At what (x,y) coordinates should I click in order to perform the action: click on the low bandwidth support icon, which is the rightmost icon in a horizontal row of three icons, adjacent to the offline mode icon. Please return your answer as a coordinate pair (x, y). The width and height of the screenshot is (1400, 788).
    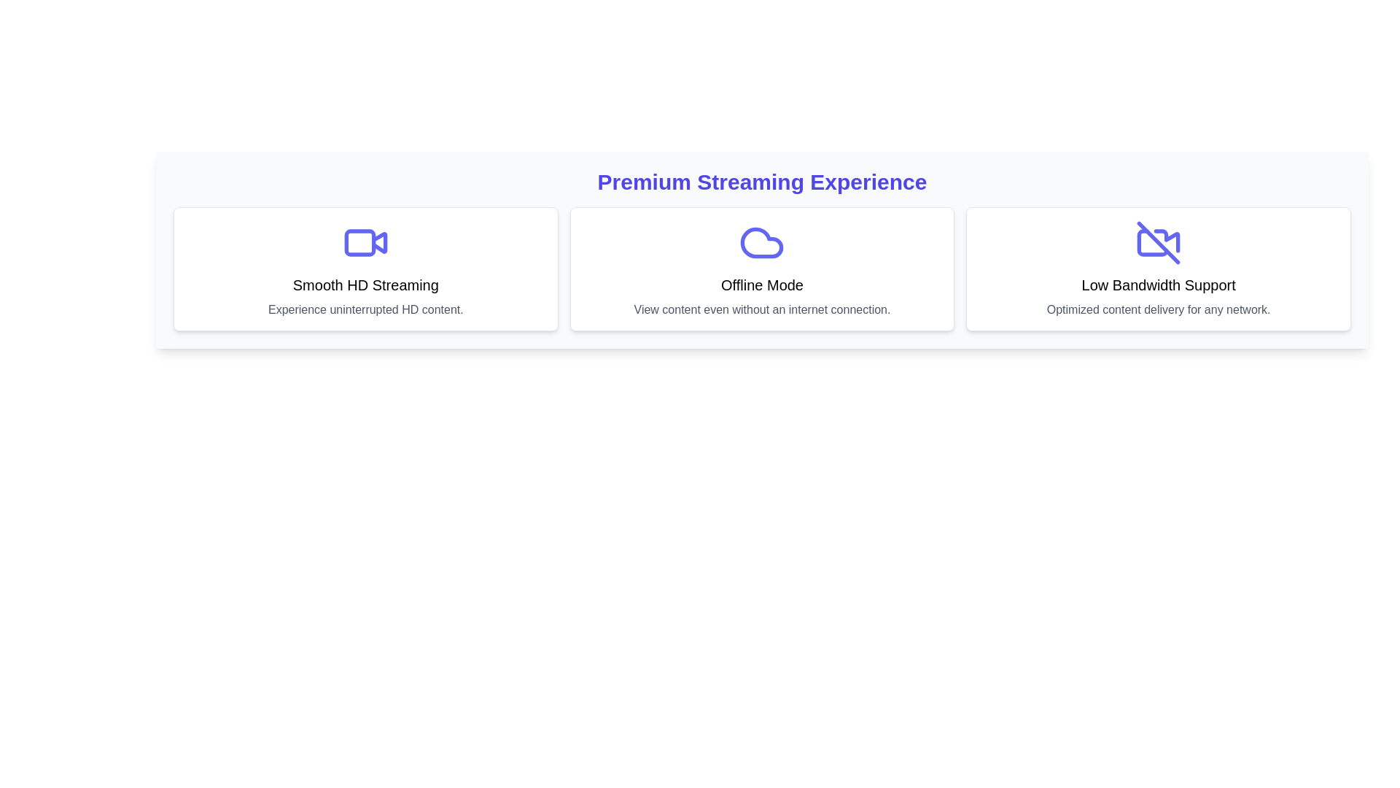
    Looking at the image, I should click on (1157, 242).